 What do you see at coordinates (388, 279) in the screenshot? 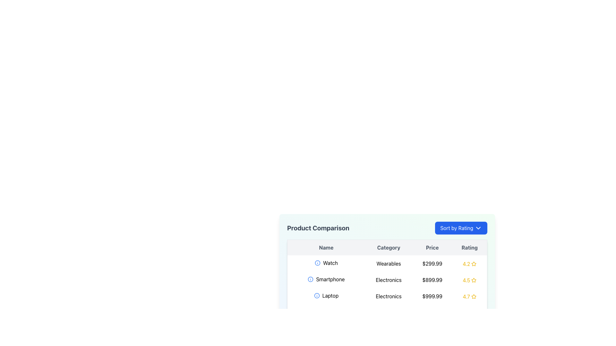
I see `the static text element displaying 'Electronics' in the 'Category' column of the table layout` at bounding box center [388, 279].